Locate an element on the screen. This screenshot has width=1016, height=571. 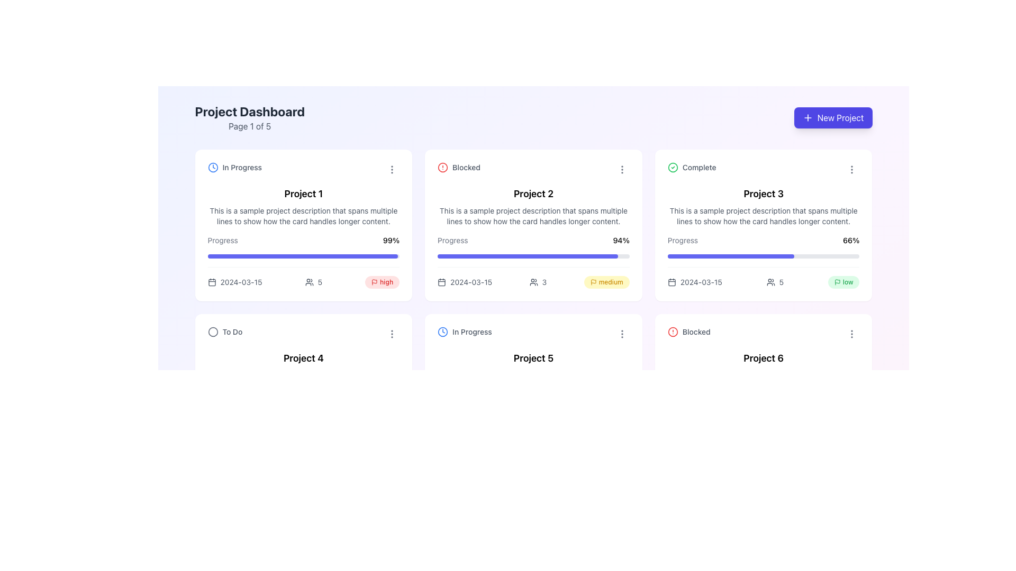
text content of the 'Blocked' status label associated with 'Project 2' on the dashboard layout is located at coordinates (466, 167).